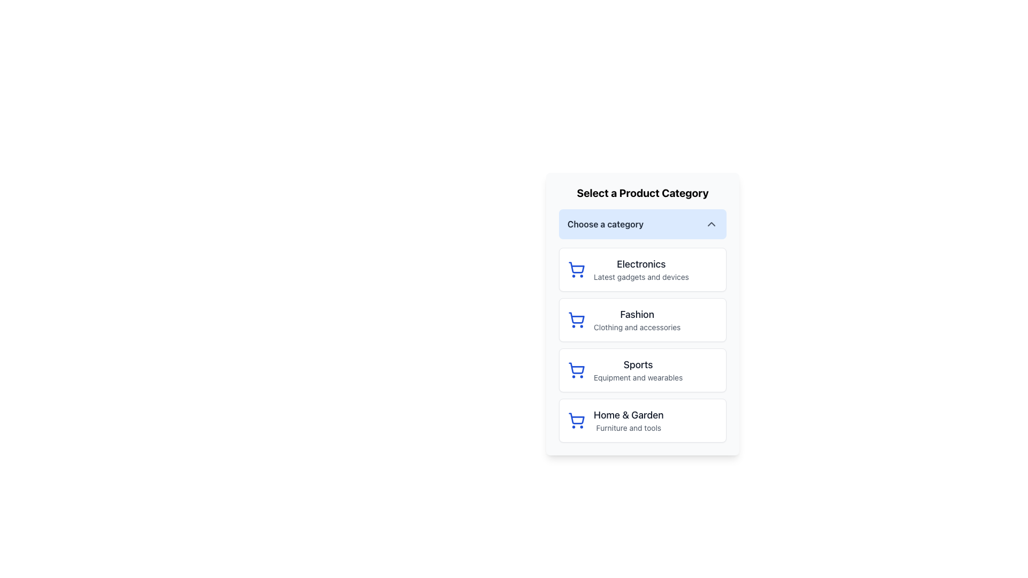 This screenshot has height=578, width=1028. Describe the element at coordinates (576, 267) in the screenshot. I see `the primary graphical icon representing the 'Electronics' category located on the left side of the category item in the vertical list` at that location.